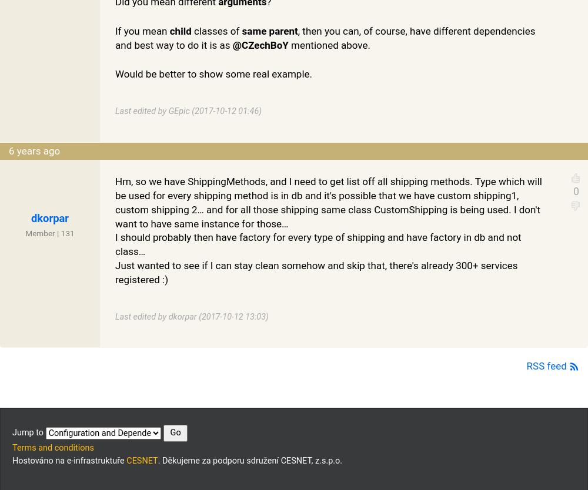  I want to click on 'Just wanted to see if I can stay clean somehow and skip that, there's already
300+ services registered :)', so click(316, 272).